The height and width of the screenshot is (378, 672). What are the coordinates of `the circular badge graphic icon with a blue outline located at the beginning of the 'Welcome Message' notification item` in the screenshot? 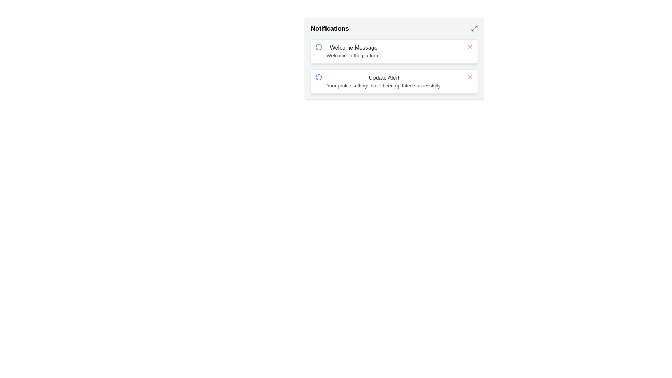 It's located at (318, 47).